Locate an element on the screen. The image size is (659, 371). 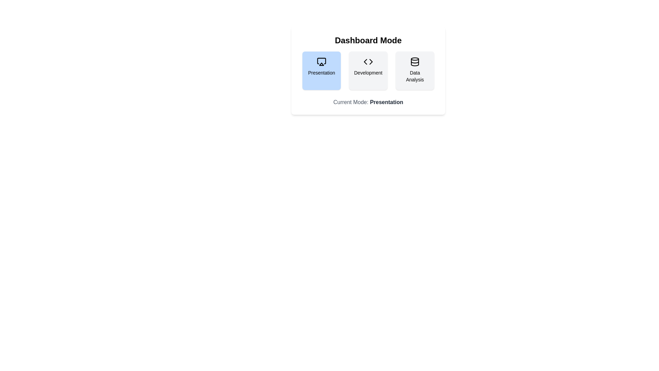
the mode button labeled Development to observe its hover effect is located at coordinates (368, 70).